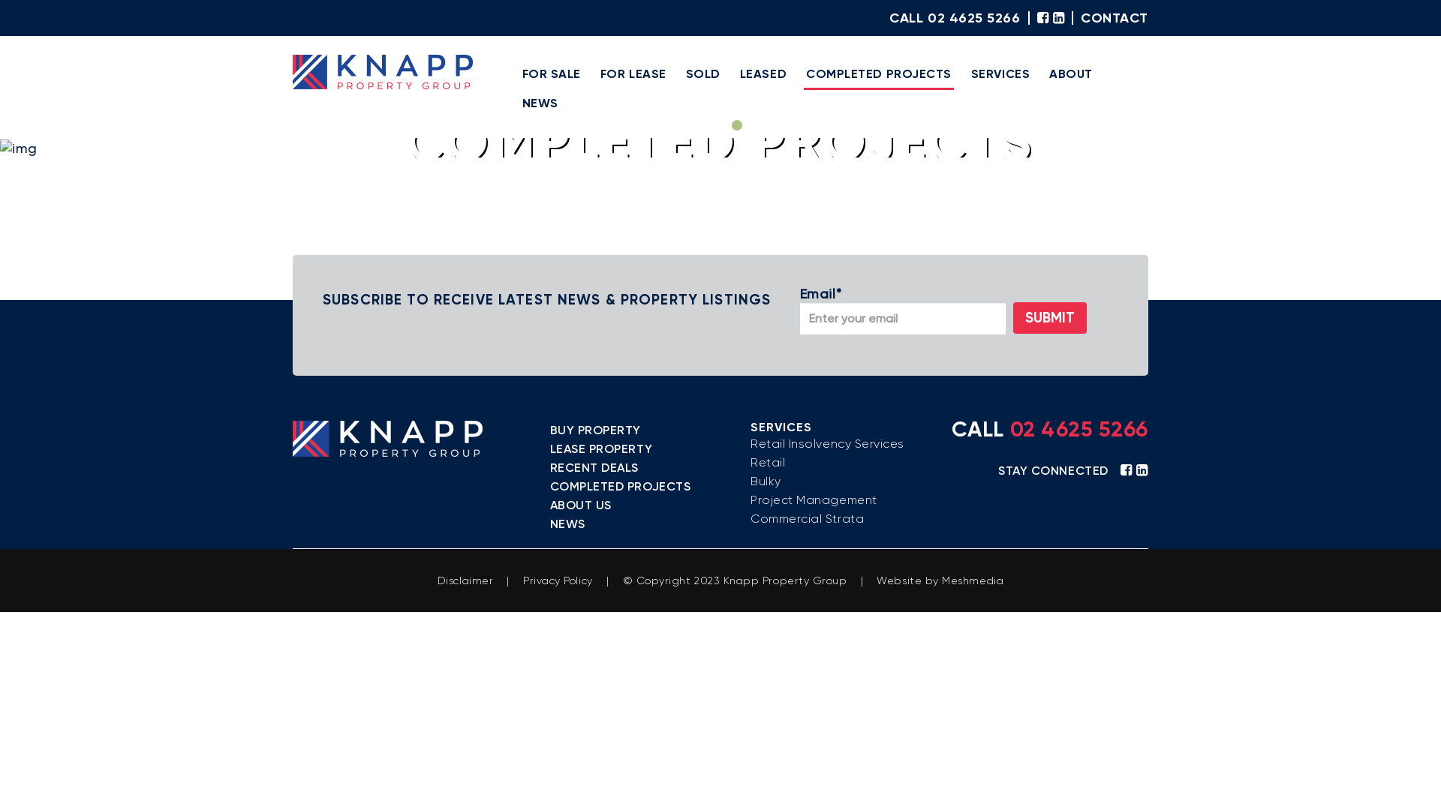  I want to click on 'Meshmedia', so click(973, 580).